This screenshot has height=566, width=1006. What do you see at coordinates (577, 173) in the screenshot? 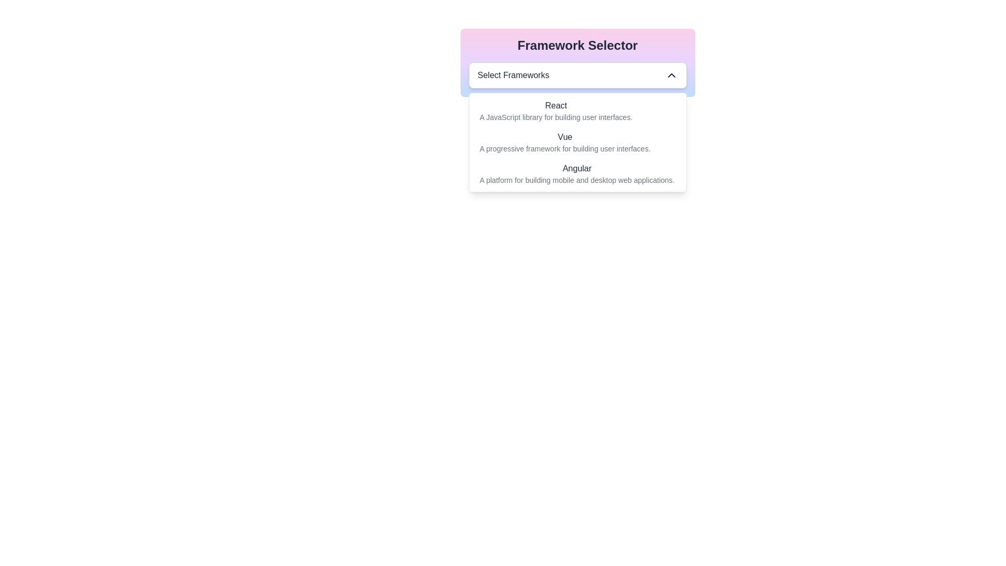
I see `the 'Angular' dropdown menu item, which is the third option in the 'Framework Selector' dropdown` at bounding box center [577, 173].